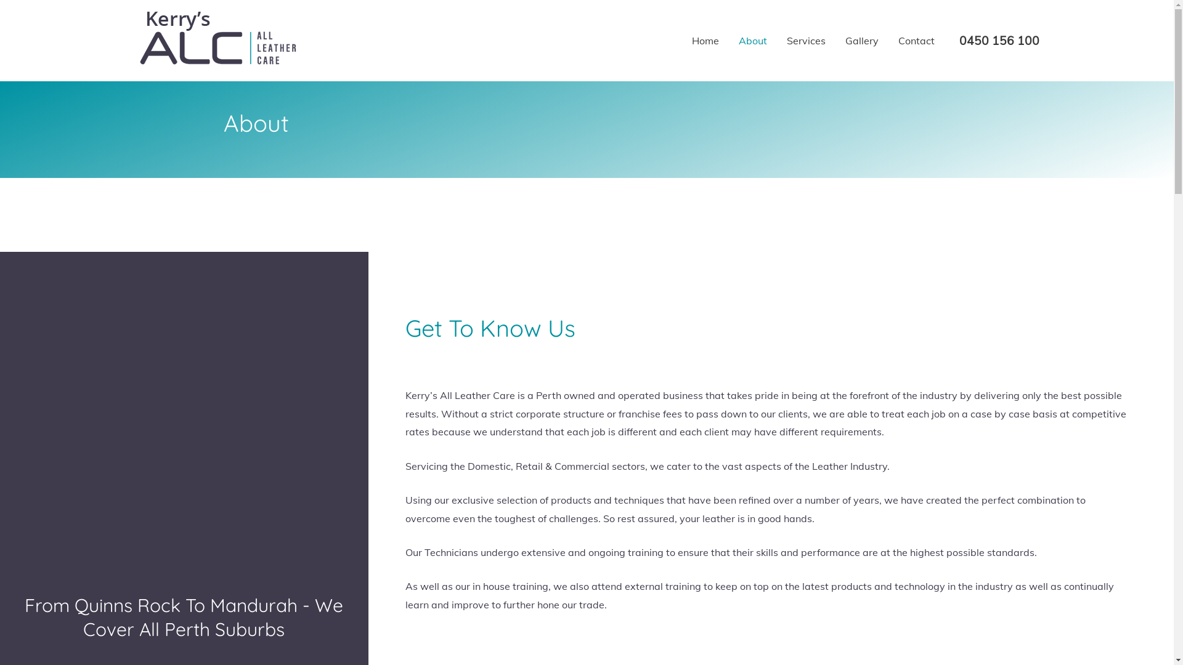  What do you see at coordinates (0, 392) in the screenshot?
I see `'Perth'` at bounding box center [0, 392].